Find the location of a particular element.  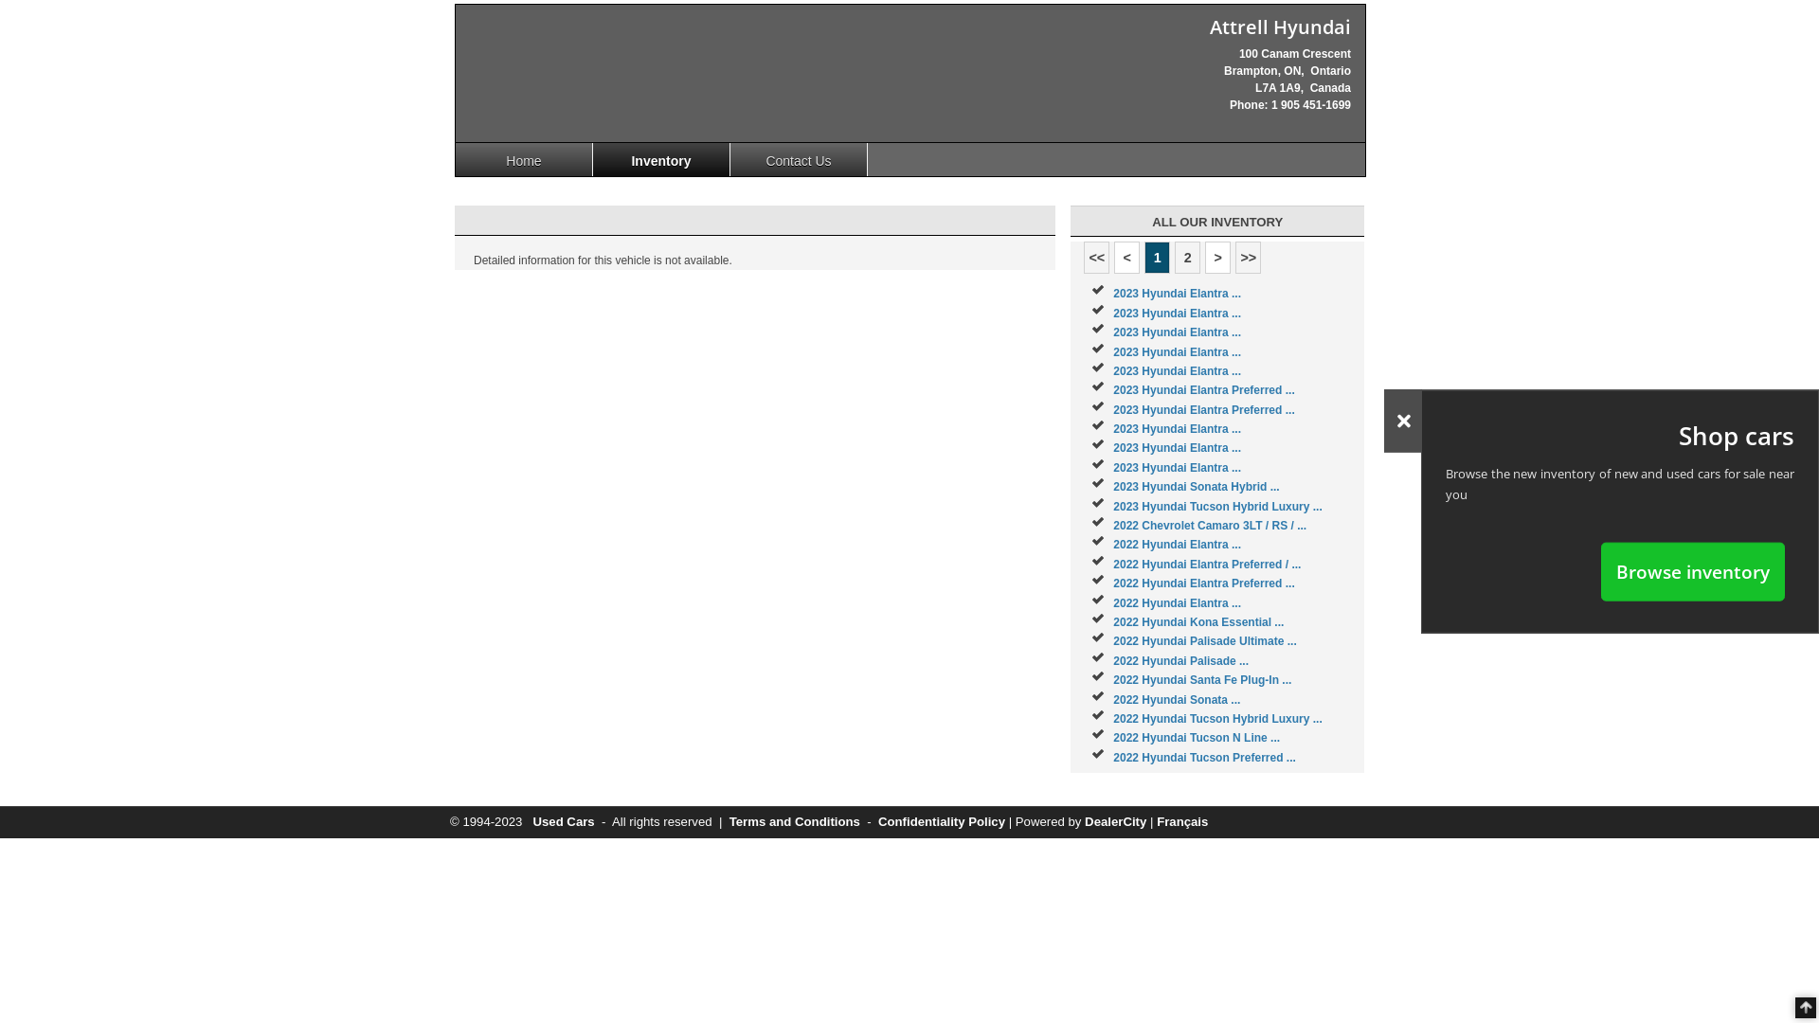

'Browse inventory' is located at coordinates (1692, 570).